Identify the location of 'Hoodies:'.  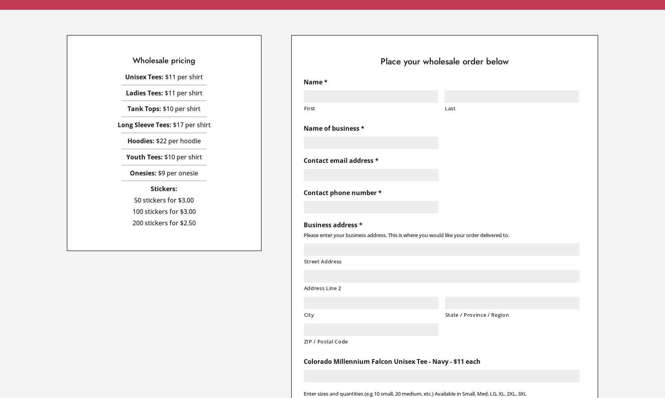
(140, 140).